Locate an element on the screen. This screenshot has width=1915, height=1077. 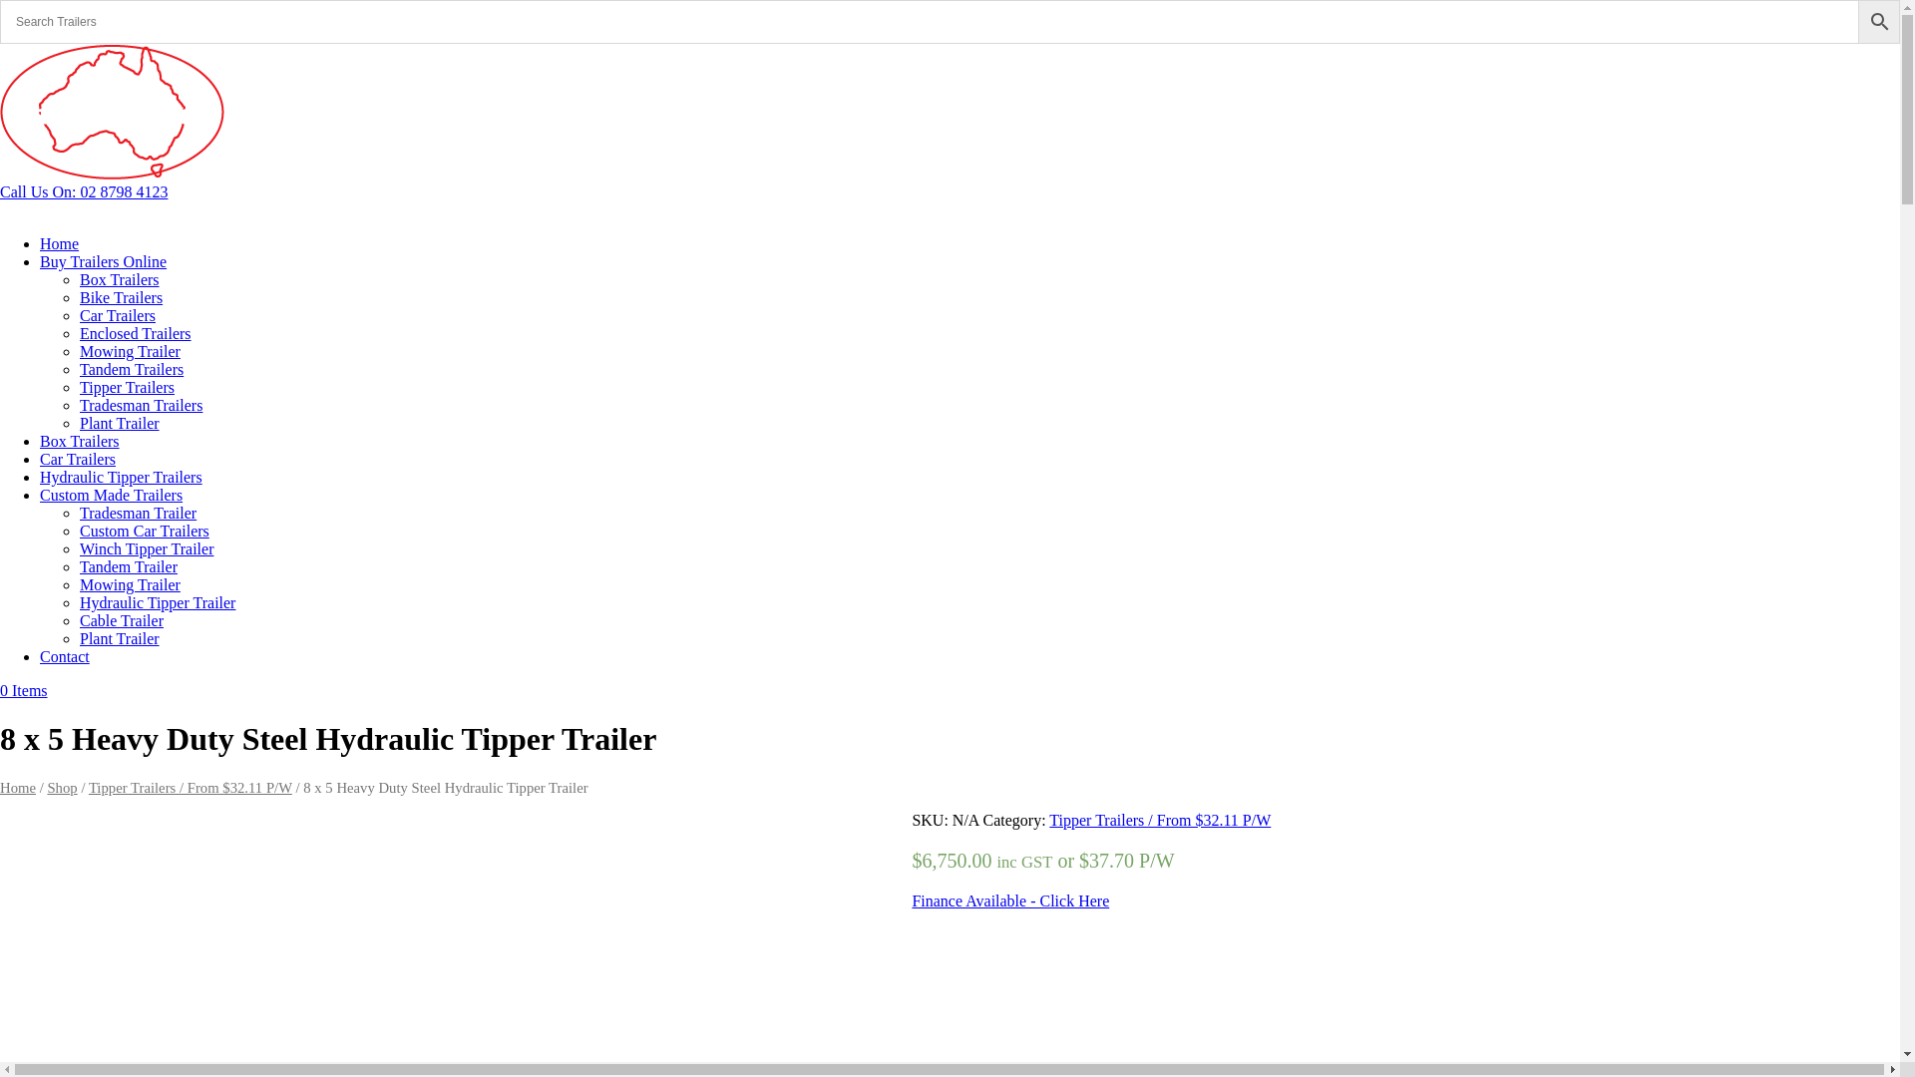
'Tandem Trailer' is located at coordinates (128, 566).